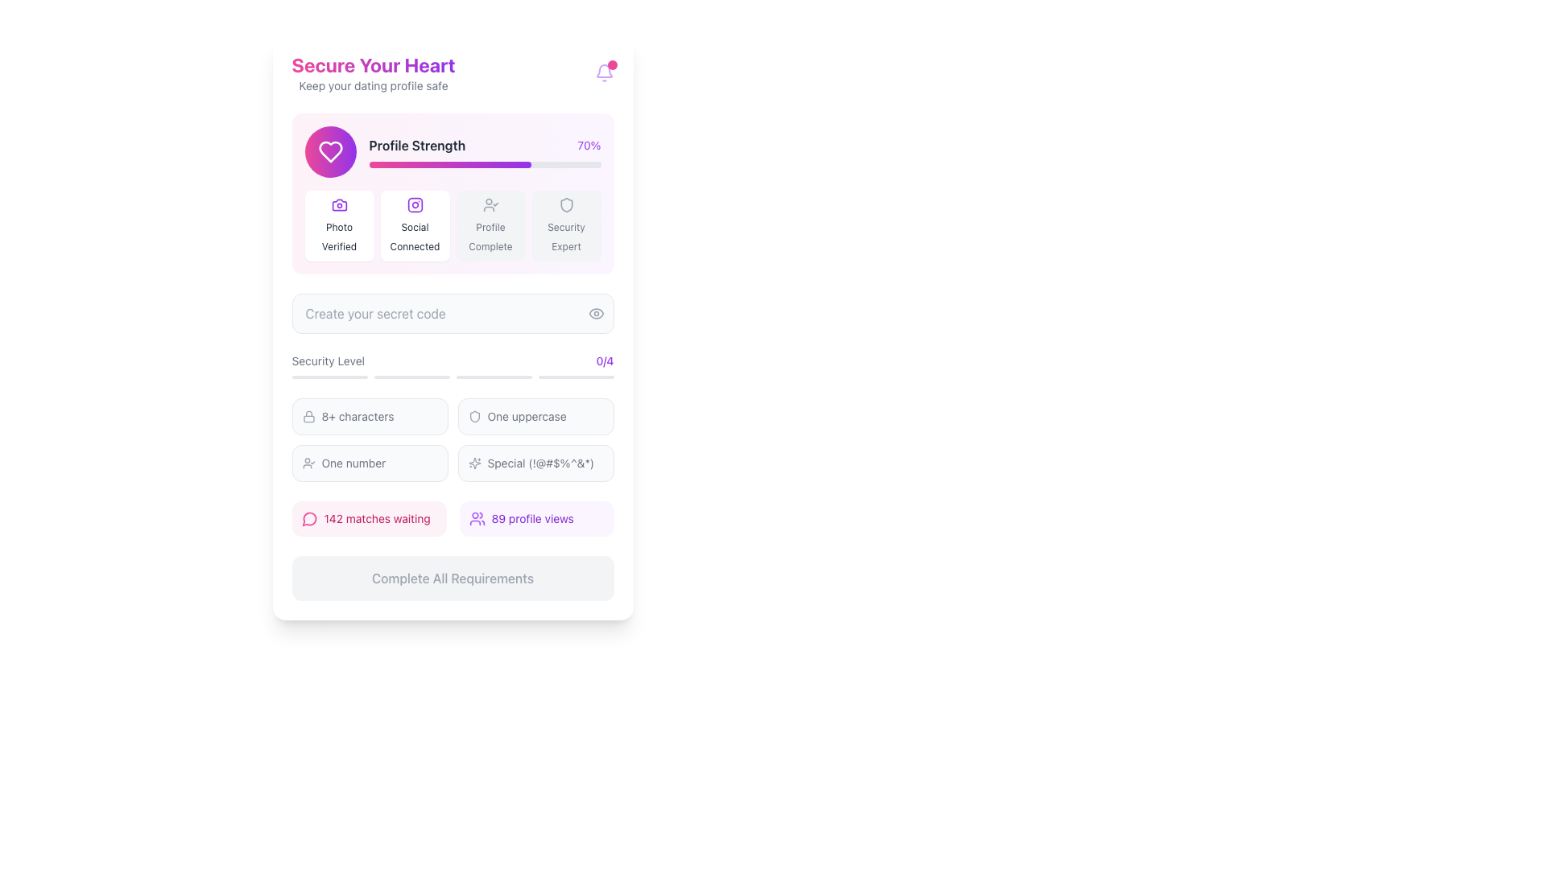 Image resolution: width=1546 pixels, height=869 pixels. What do you see at coordinates (566, 226) in the screenshot?
I see `the fourth Information card in the horizontal grid located below the 'Profile Strength' bar, which indicates the user's security expertise attribute` at bounding box center [566, 226].